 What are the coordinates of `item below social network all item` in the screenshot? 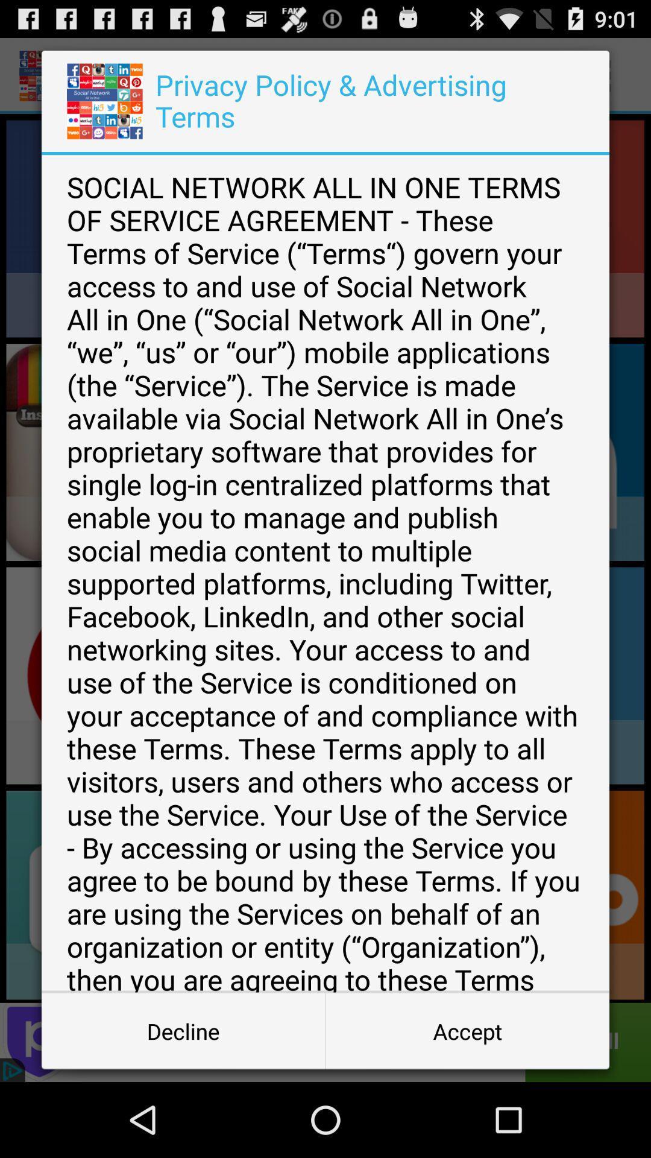 It's located at (467, 1030).